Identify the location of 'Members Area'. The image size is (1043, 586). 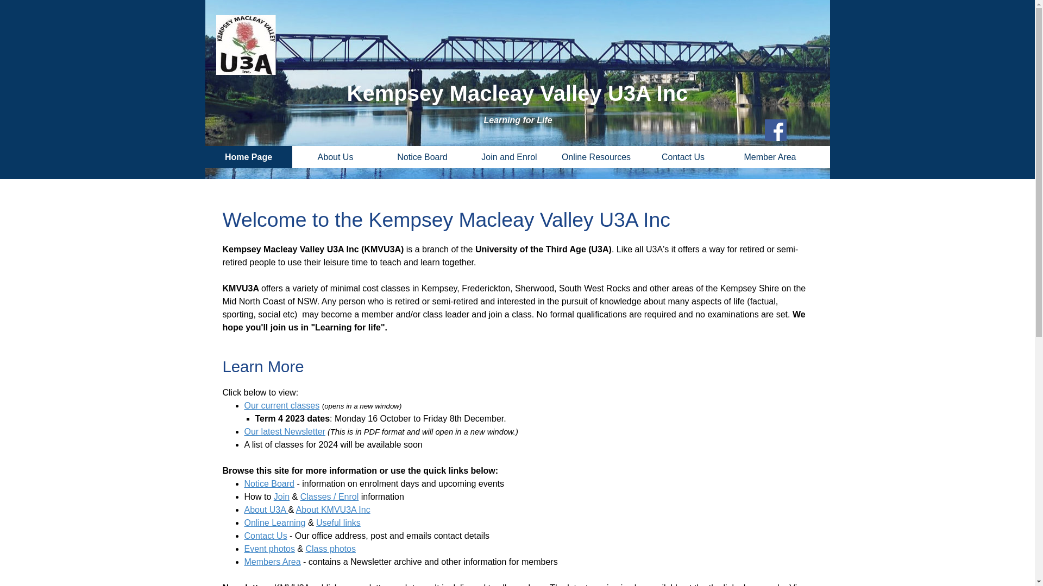
(273, 562).